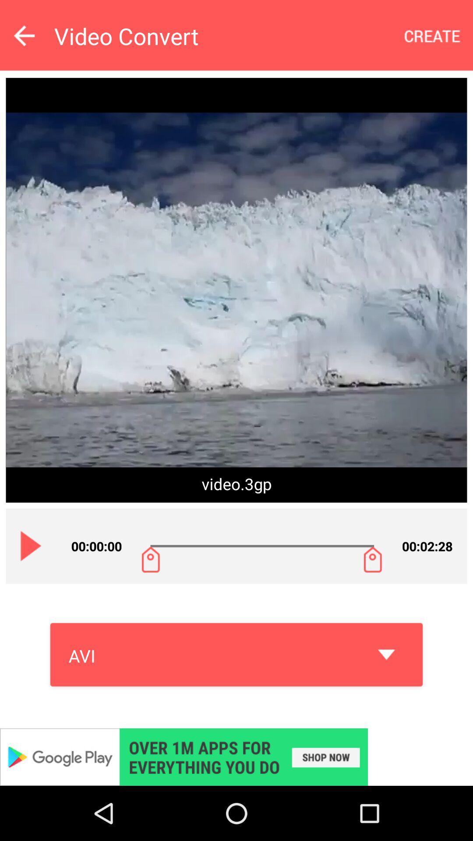 This screenshot has height=841, width=473. What do you see at coordinates (236, 756) in the screenshot?
I see `advertisements` at bounding box center [236, 756].